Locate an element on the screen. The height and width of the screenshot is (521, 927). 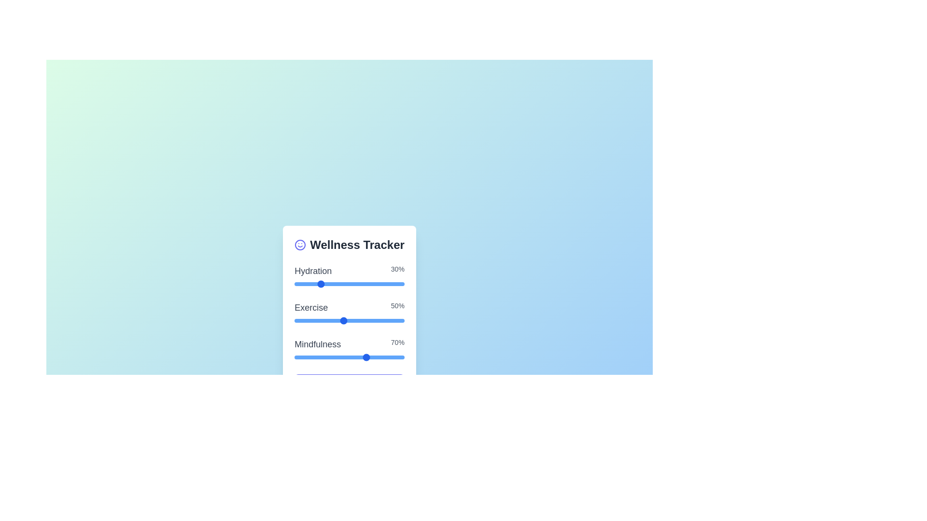
the 'Mindfulness' slider to set its value to 3 is located at coordinates (319, 357).